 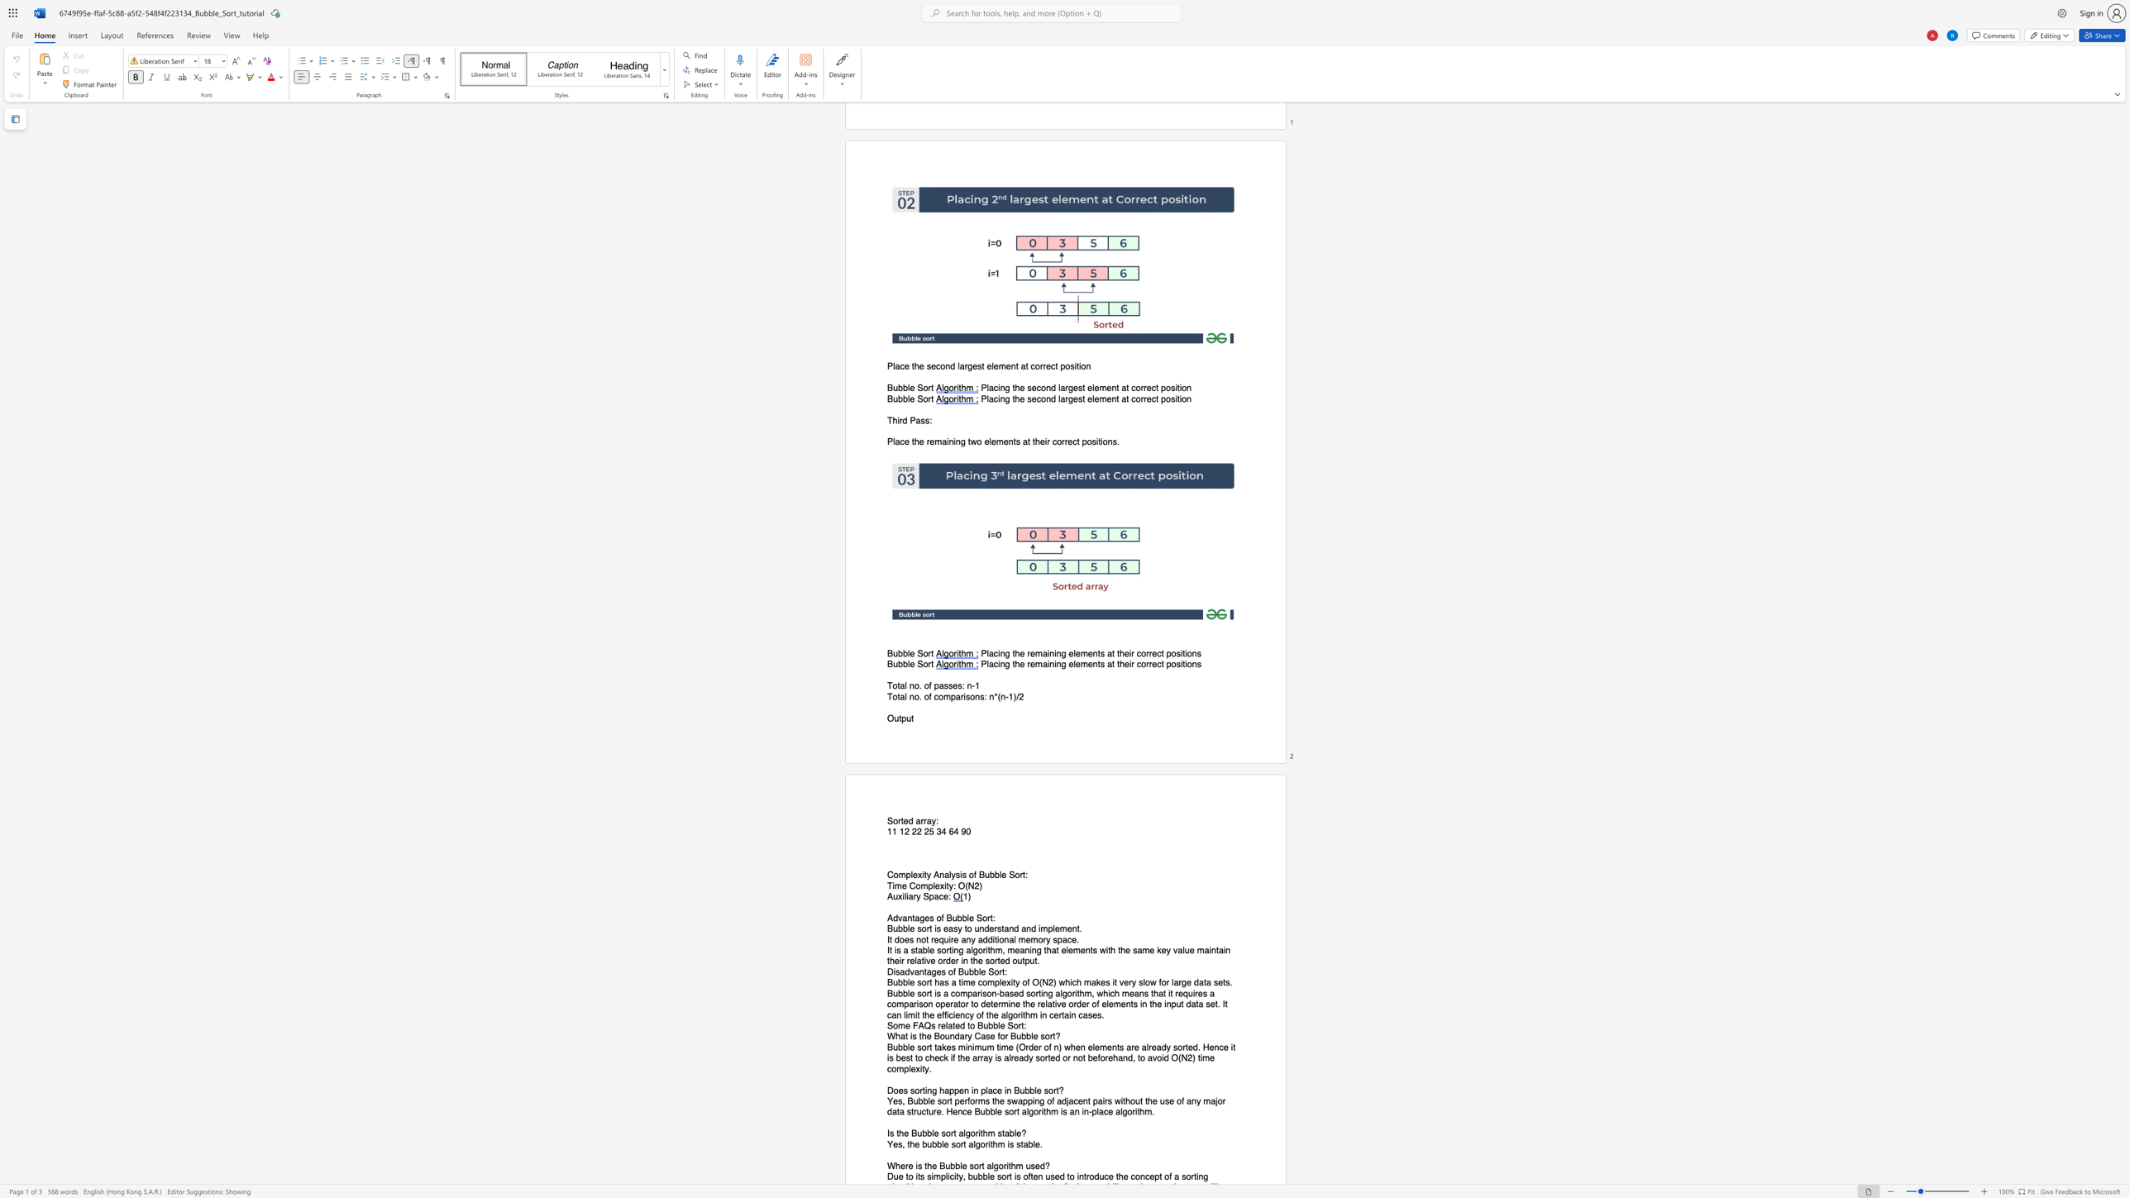 What do you see at coordinates (953, 831) in the screenshot?
I see `the subset text "4 9" within the text "11 12 22 25 34 64 90"` at bounding box center [953, 831].